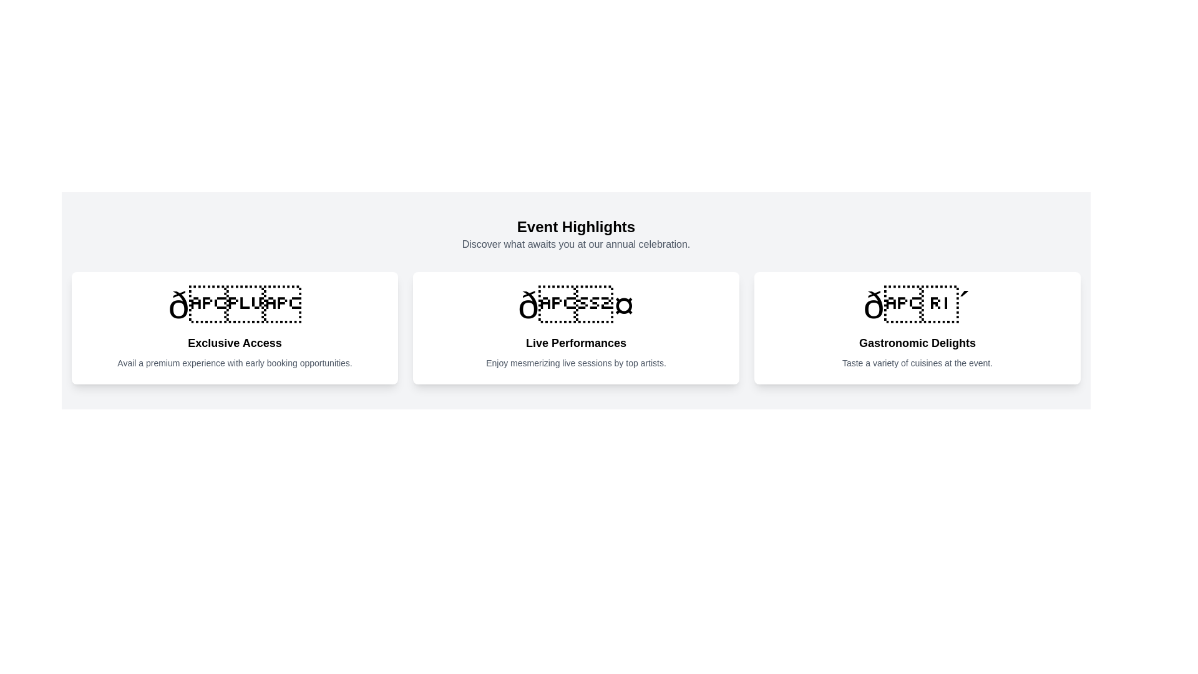 This screenshot has width=1198, height=674. I want to click on text label that says 'Enjoy mesmerizing live sessions by top artists.' located in the bottom section of the 'Live Performances' card, so click(575, 363).